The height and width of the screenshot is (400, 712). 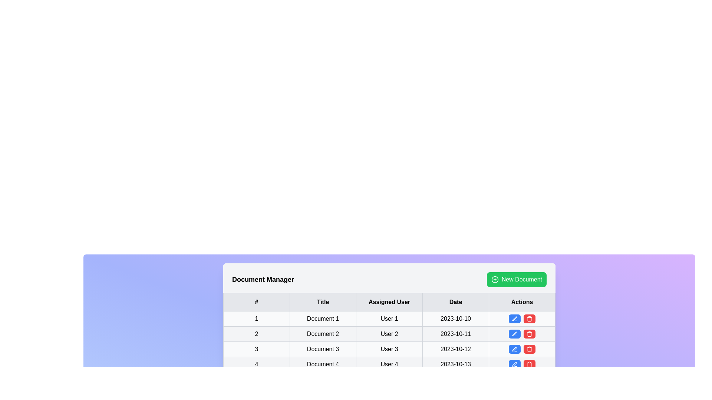 What do you see at coordinates (529, 334) in the screenshot?
I see `the delete button located in the Actions column of the row for 'Document 2', which is the second button to the right of the blue pen icon button` at bounding box center [529, 334].